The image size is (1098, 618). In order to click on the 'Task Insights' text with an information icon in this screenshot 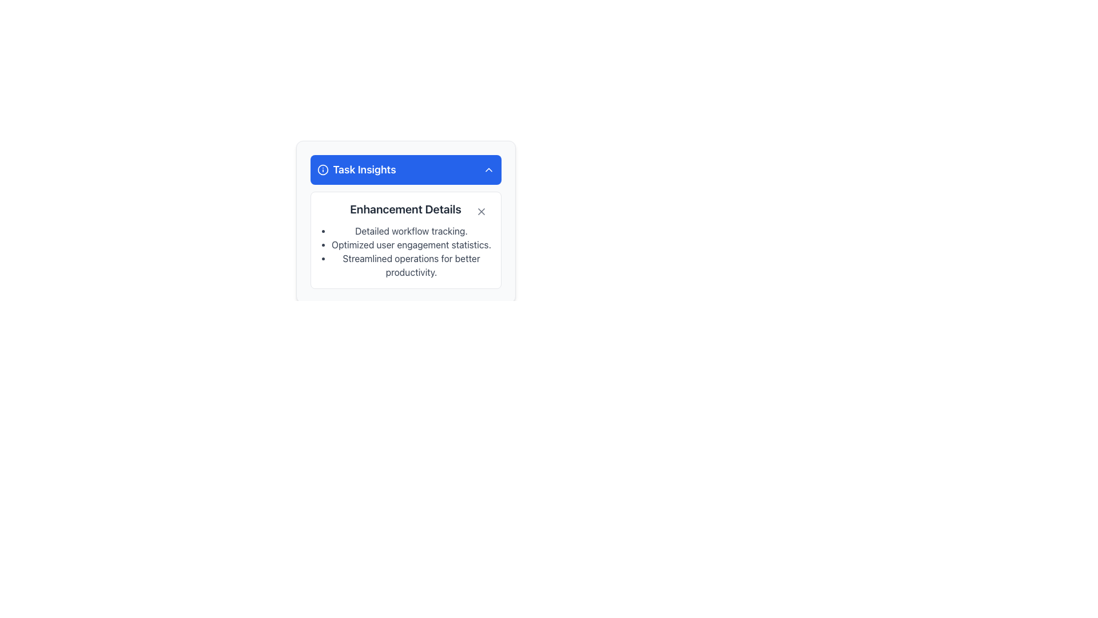, I will do `click(356, 170)`.